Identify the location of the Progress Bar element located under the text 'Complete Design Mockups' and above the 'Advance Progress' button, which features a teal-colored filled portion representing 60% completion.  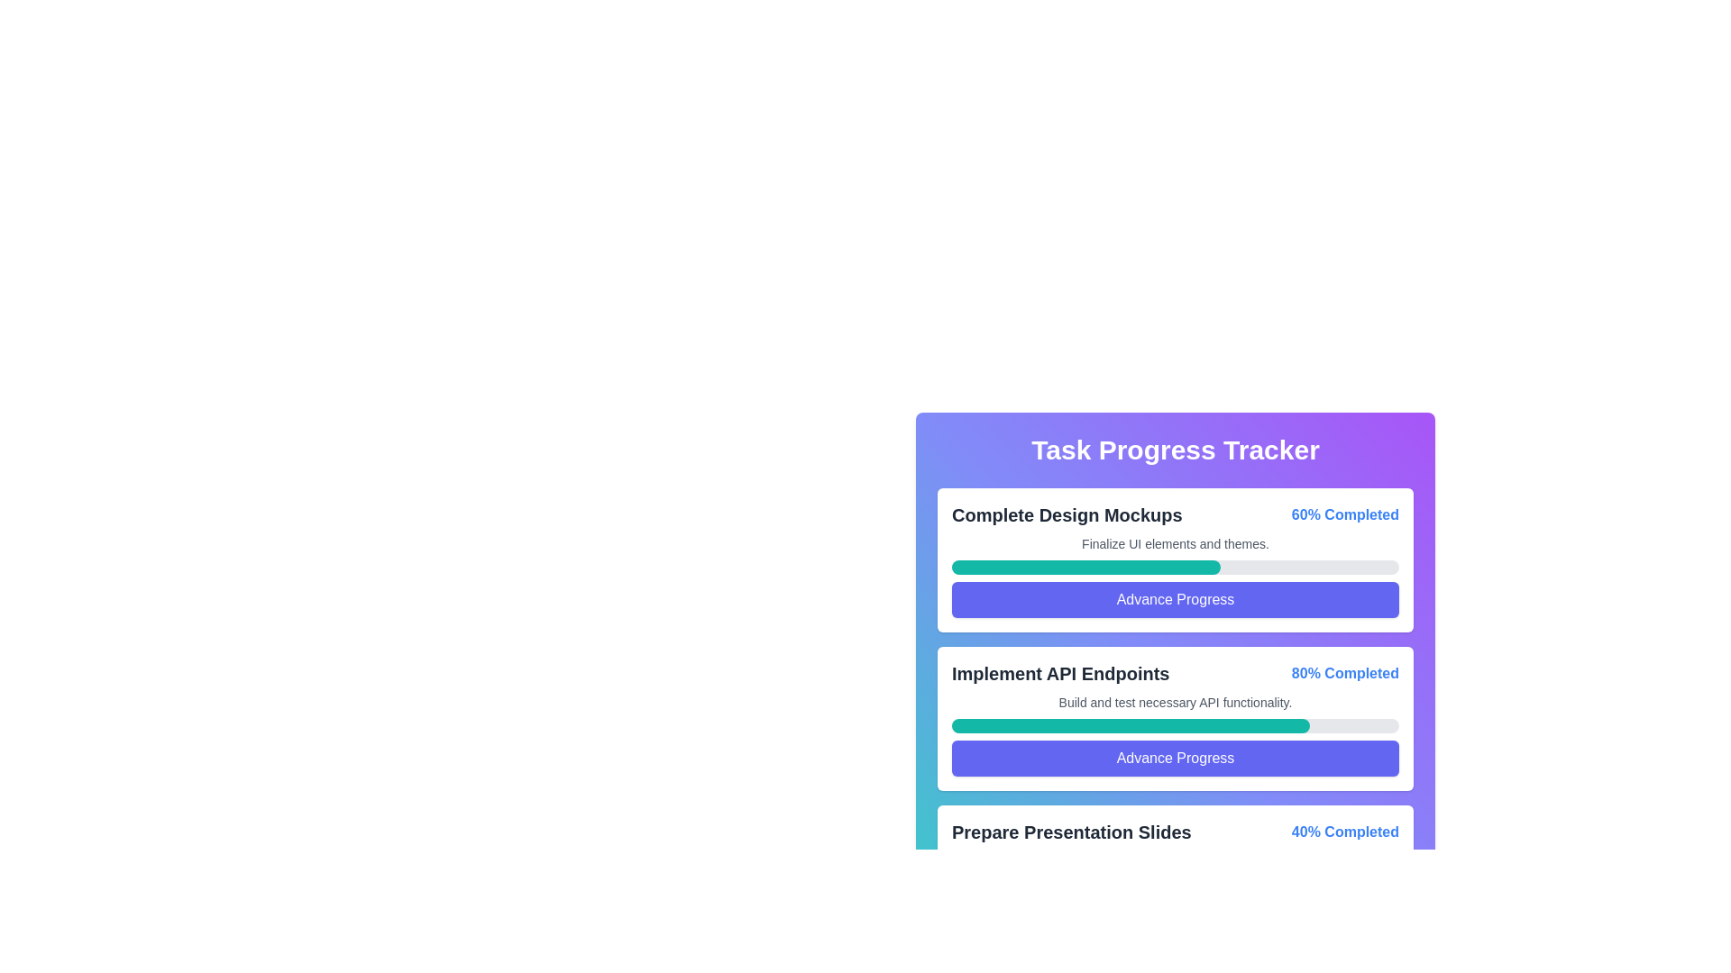
(1176, 566).